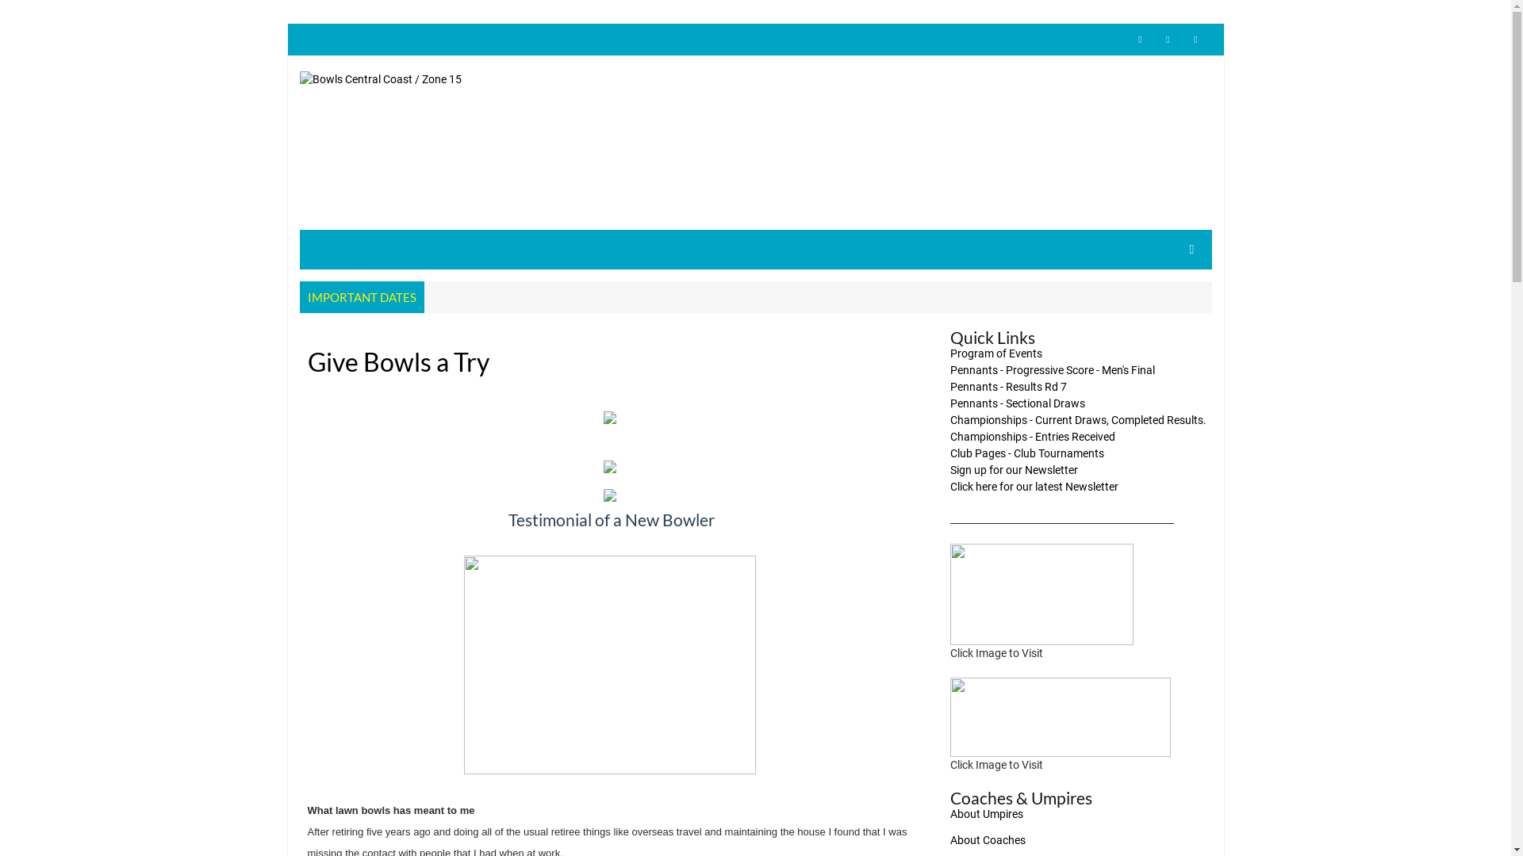 Image resolution: width=1523 pixels, height=856 pixels. Describe the element at coordinates (1013, 469) in the screenshot. I see `'Sign up for our Newsletter'` at that location.